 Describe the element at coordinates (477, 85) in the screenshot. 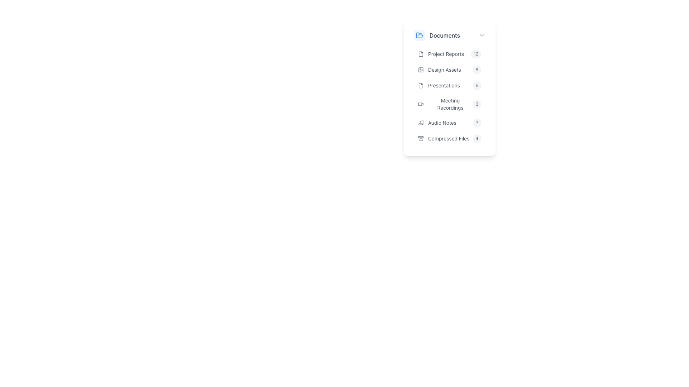

I see `the number displayed in the small, rounded badge with a gray background and the number '5', located to the right of the 'Presentations' text label` at that location.